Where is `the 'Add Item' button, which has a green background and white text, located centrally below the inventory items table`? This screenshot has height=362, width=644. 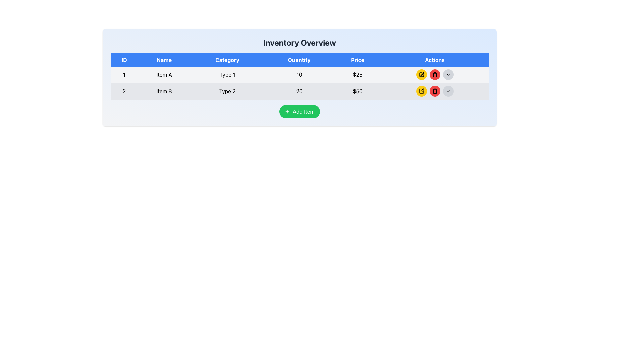
the 'Add Item' button, which has a green background and white text, located centrally below the inventory items table is located at coordinates (299, 111).